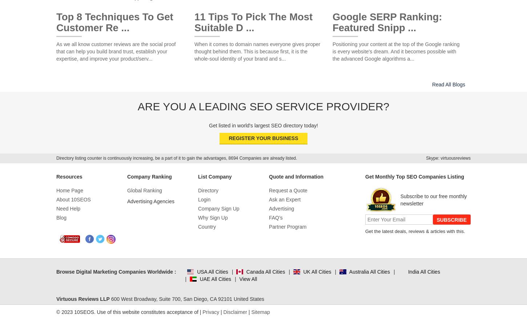 The image size is (527, 319). I want to click on 'Browse Digital Marketing Companies Worldwide :', so click(116, 271).